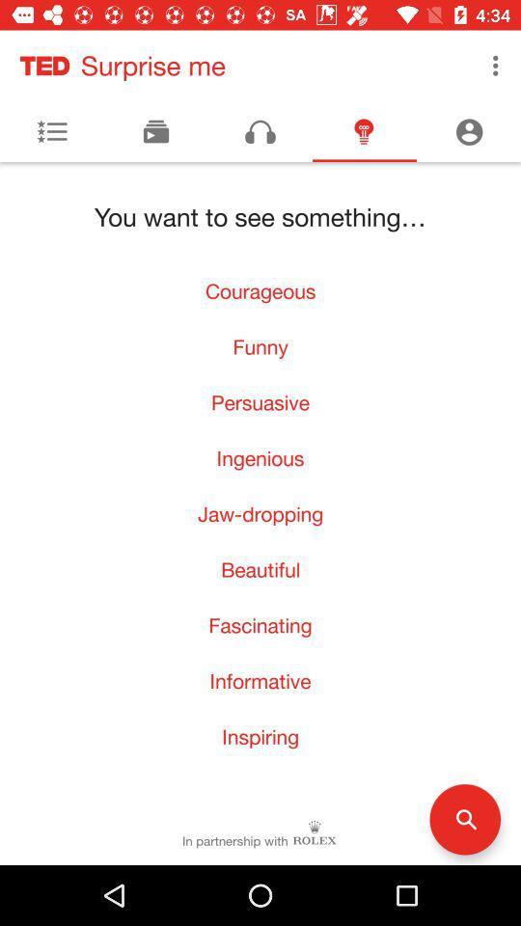 The width and height of the screenshot is (521, 926). What do you see at coordinates (260, 624) in the screenshot?
I see `fascinating icon` at bounding box center [260, 624].